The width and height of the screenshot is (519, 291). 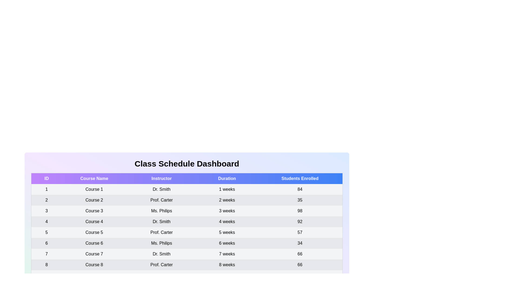 What do you see at coordinates (227, 178) in the screenshot?
I see `the table header Duration to sort the table by that column` at bounding box center [227, 178].